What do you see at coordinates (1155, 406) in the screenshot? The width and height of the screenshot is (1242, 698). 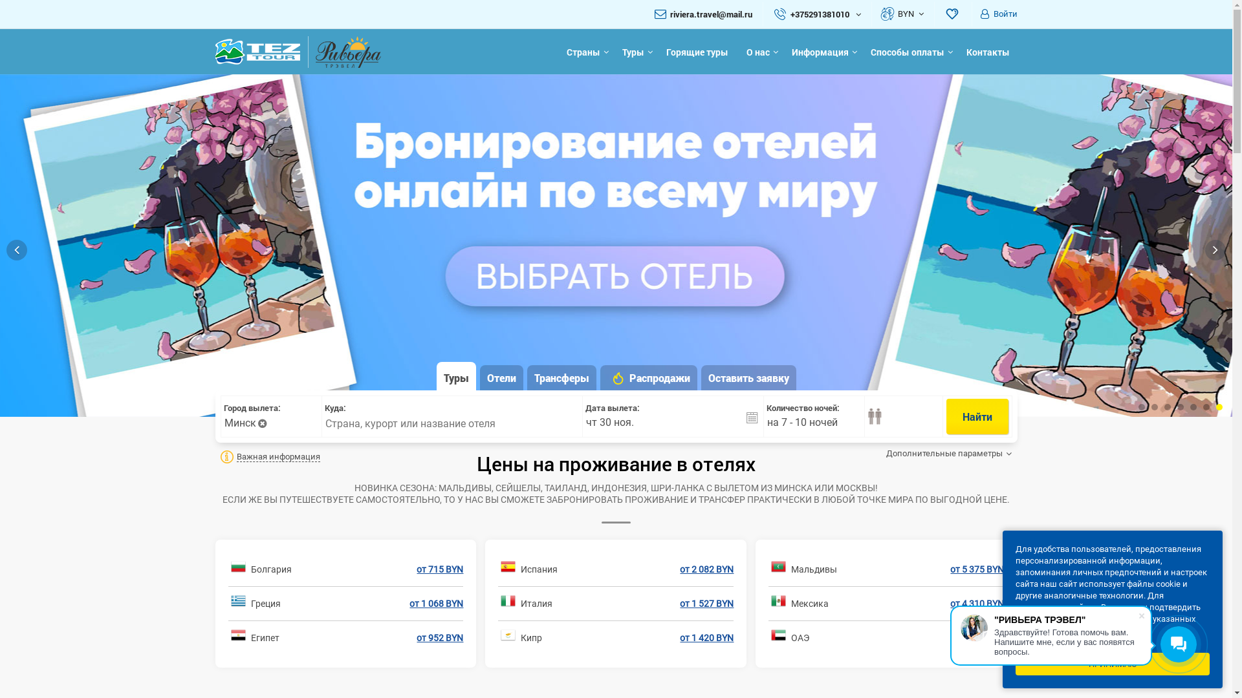 I see `'2'` at bounding box center [1155, 406].